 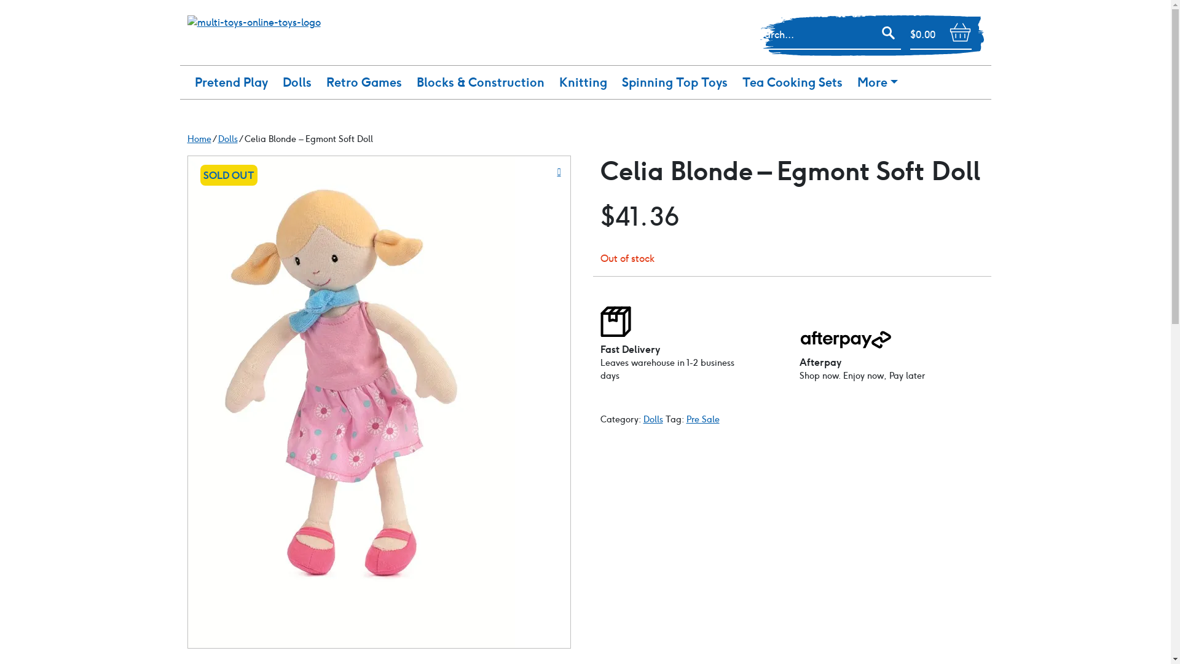 What do you see at coordinates (186, 138) in the screenshot?
I see `'Home'` at bounding box center [186, 138].